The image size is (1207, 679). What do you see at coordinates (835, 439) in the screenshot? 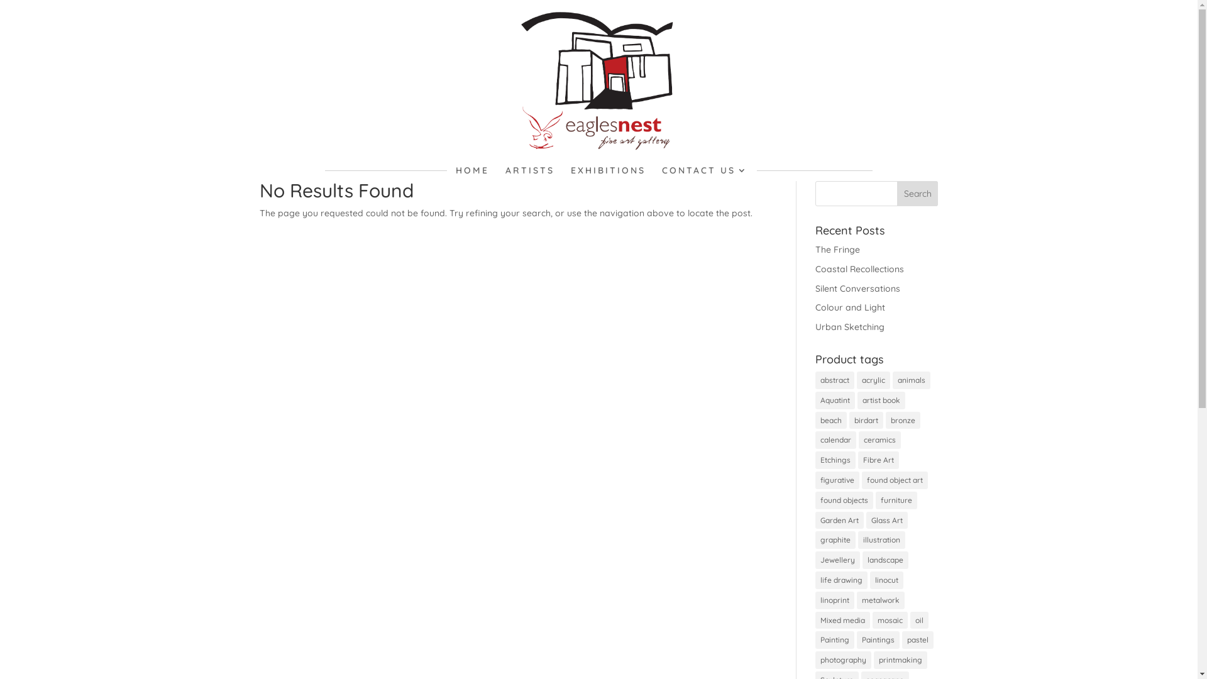
I see `'calendar'` at bounding box center [835, 439].